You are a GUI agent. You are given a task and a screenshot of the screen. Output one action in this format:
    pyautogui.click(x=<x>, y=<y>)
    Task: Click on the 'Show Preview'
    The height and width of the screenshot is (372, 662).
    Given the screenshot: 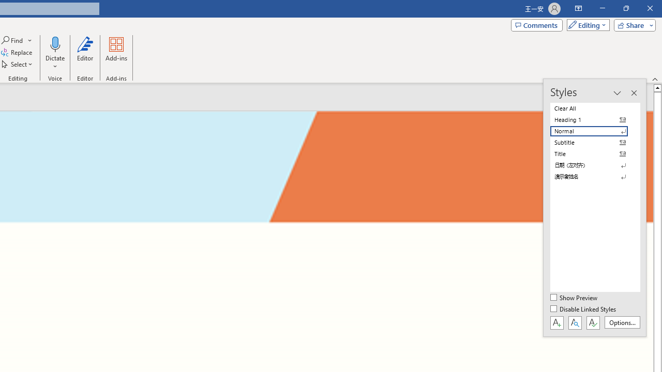 What is the action you would take?
    pyautogui.click(x=574, y=298)
    